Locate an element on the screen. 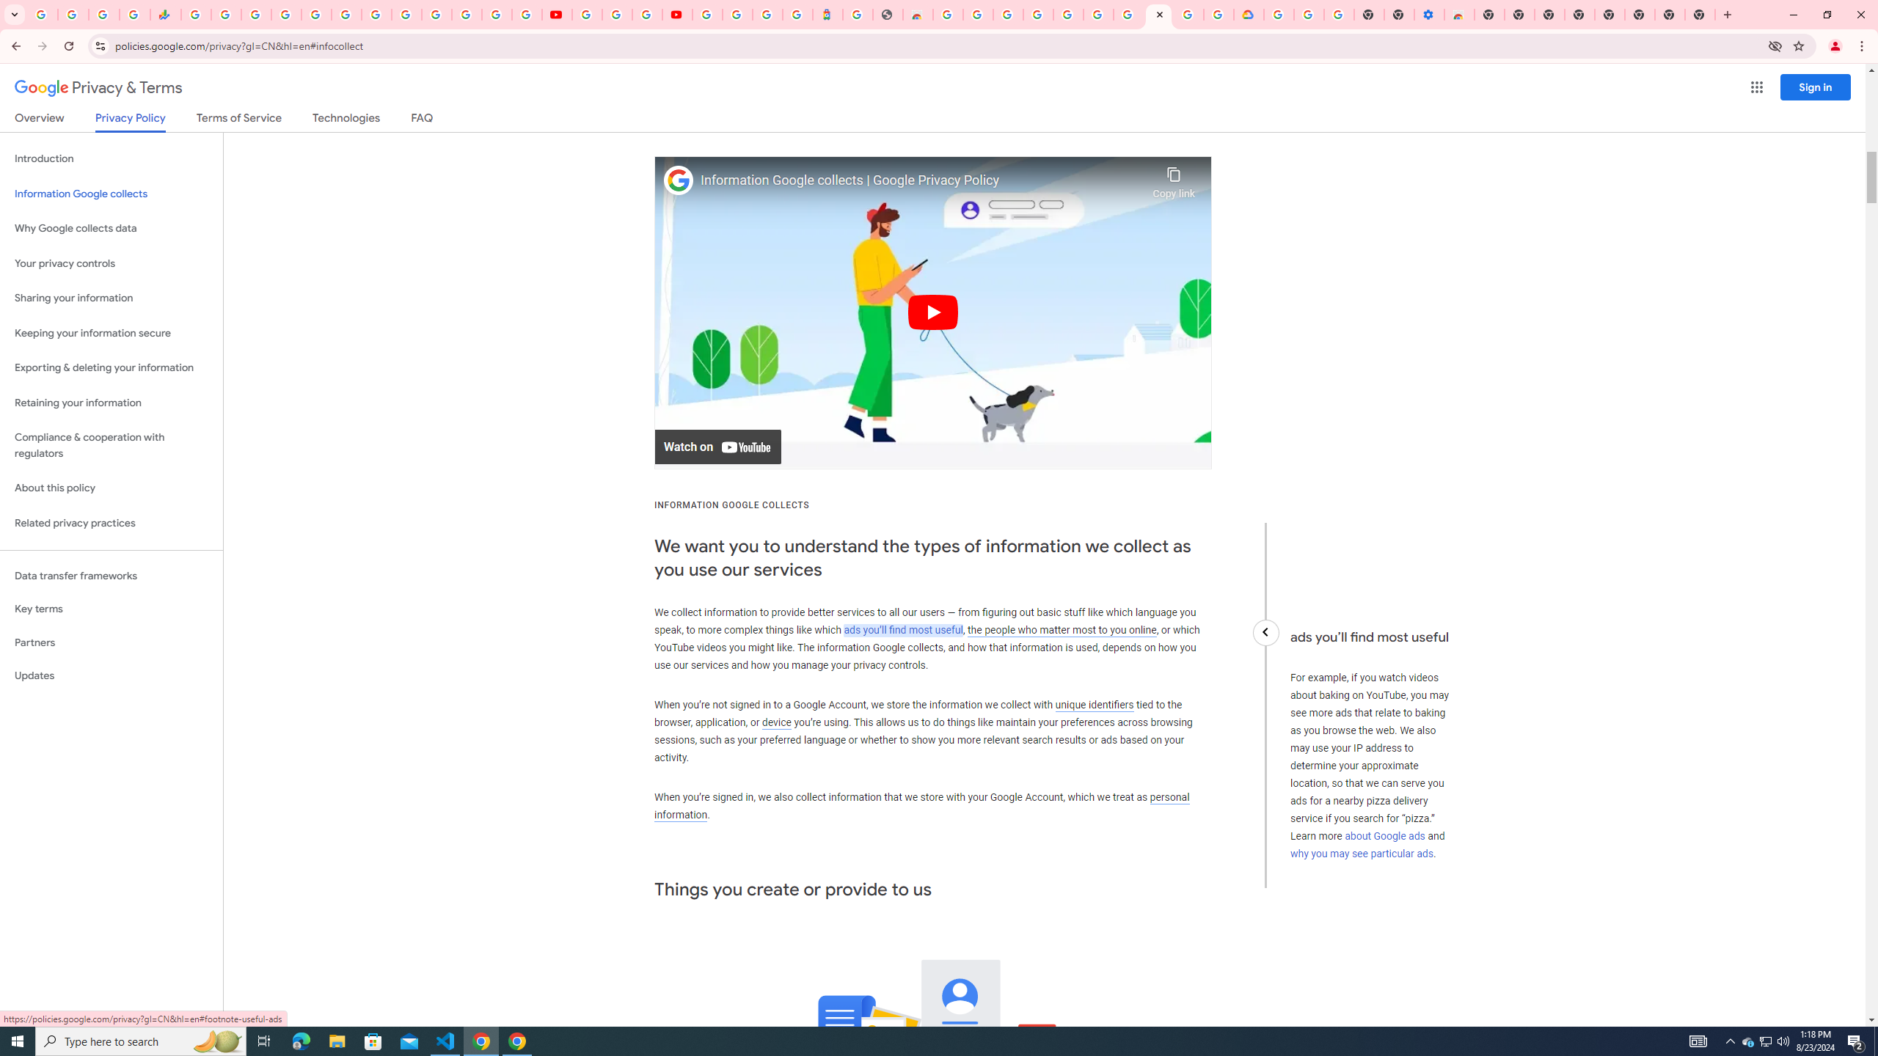  'Play' is located at coordinates (932, 312).